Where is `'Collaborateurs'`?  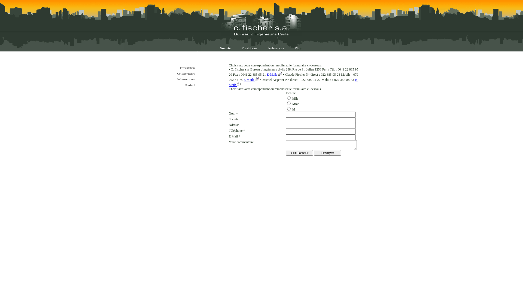 'Collaborateurs' is located at coordinates (180, 73).